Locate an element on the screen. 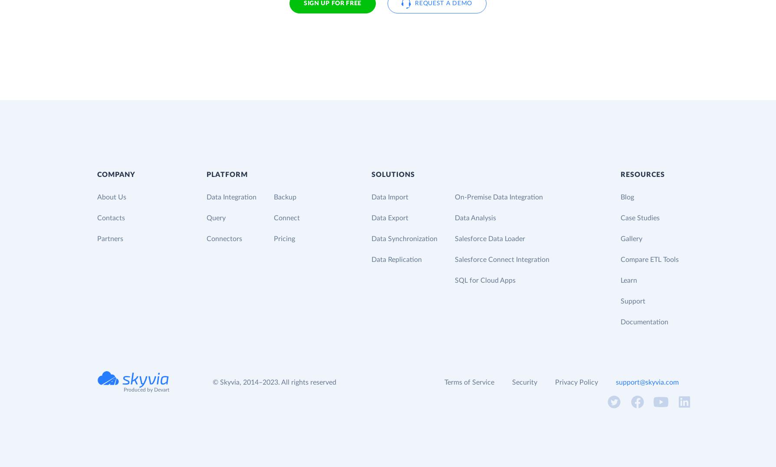 Image resolution: width=776 pixels, height=467 pixels. 'Resources' is located at coordinates (642, 174).